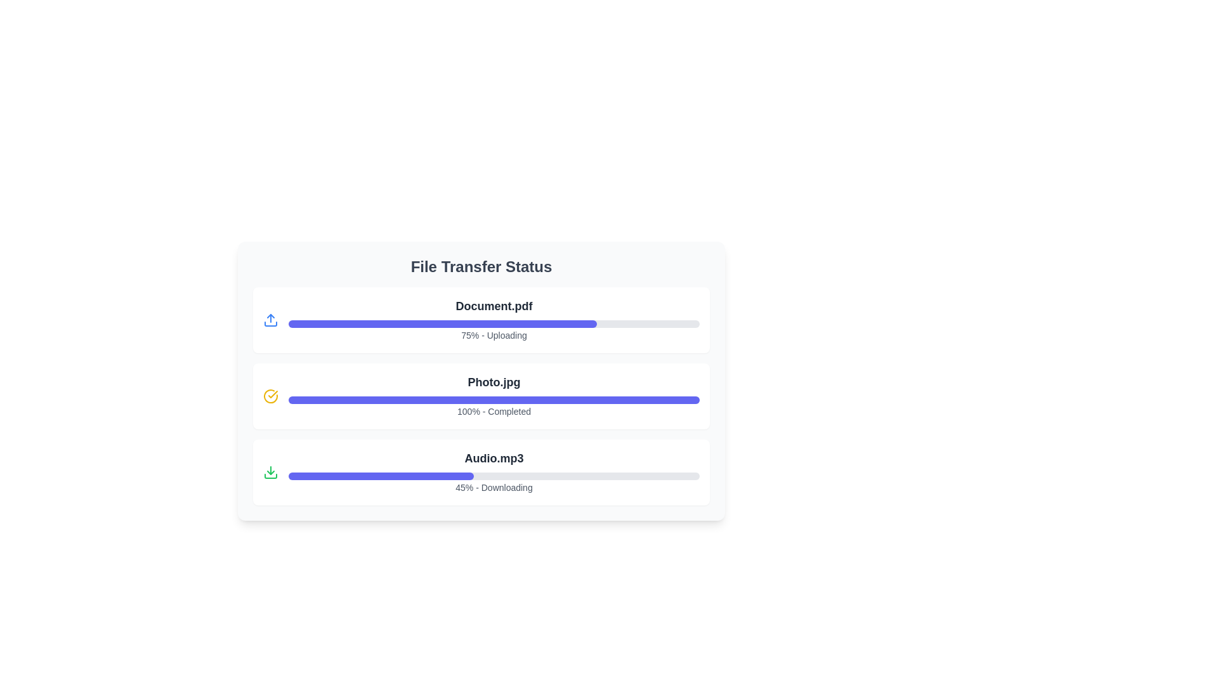 The width and height of the screenshot is (1218, 685). Describe the element at coordinates (493, 400) in the screenshot. I see `the second progress bar representing the upload status of 'Photo.jpg', which is located beneath the text 'Photo.jpg' and above the line '100% - Completed'` at that location.